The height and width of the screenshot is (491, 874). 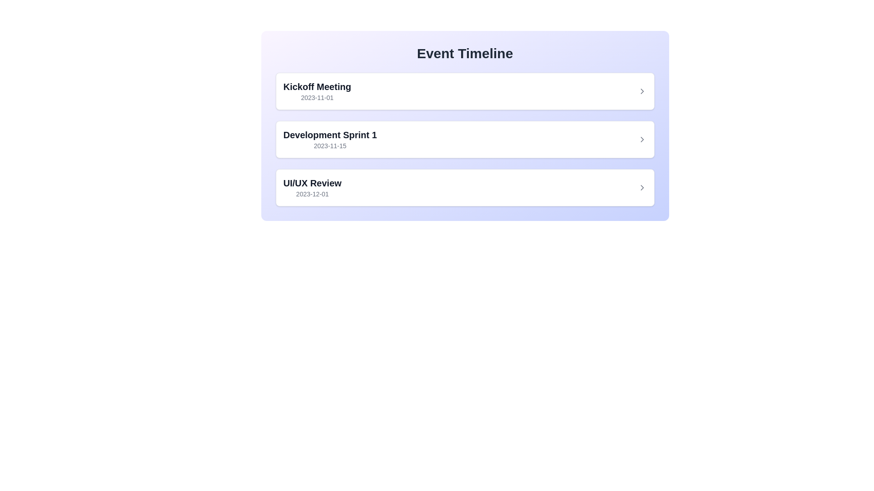 I want to click on the rightwards pointing chevron icon styled in gray, located within the 'Kickoff Meeting, 2023-11-01' entry in the timeline, so click(x=641, y=91).